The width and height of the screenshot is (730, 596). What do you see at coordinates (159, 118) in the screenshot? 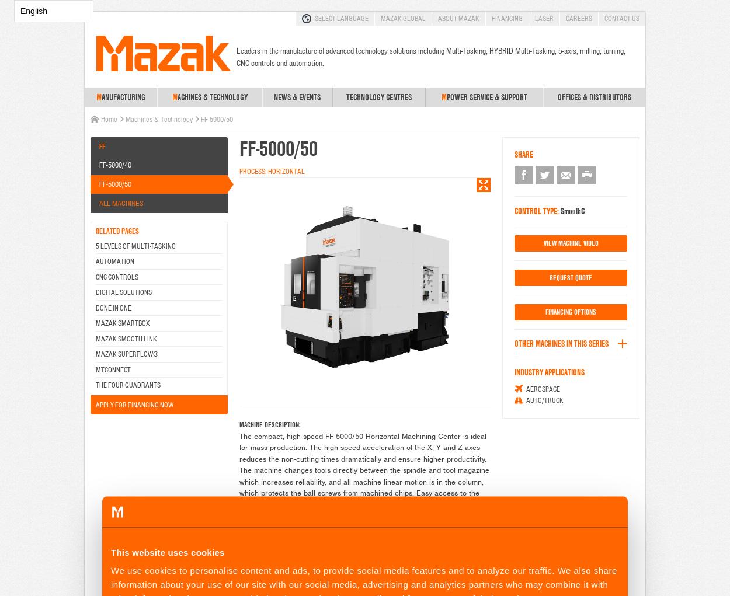
I see `'Machines & Technology'` at bounding box center [159, 118].